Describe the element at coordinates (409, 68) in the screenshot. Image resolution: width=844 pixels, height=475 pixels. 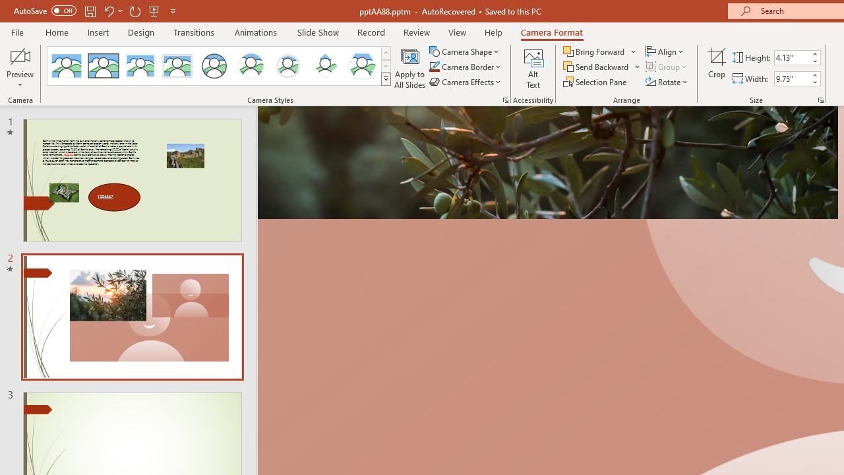
I see `'Apply to All Slides'` at that location.